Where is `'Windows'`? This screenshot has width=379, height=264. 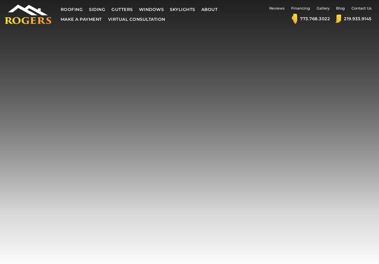
'Windows' is located at coordinates (151, 9).